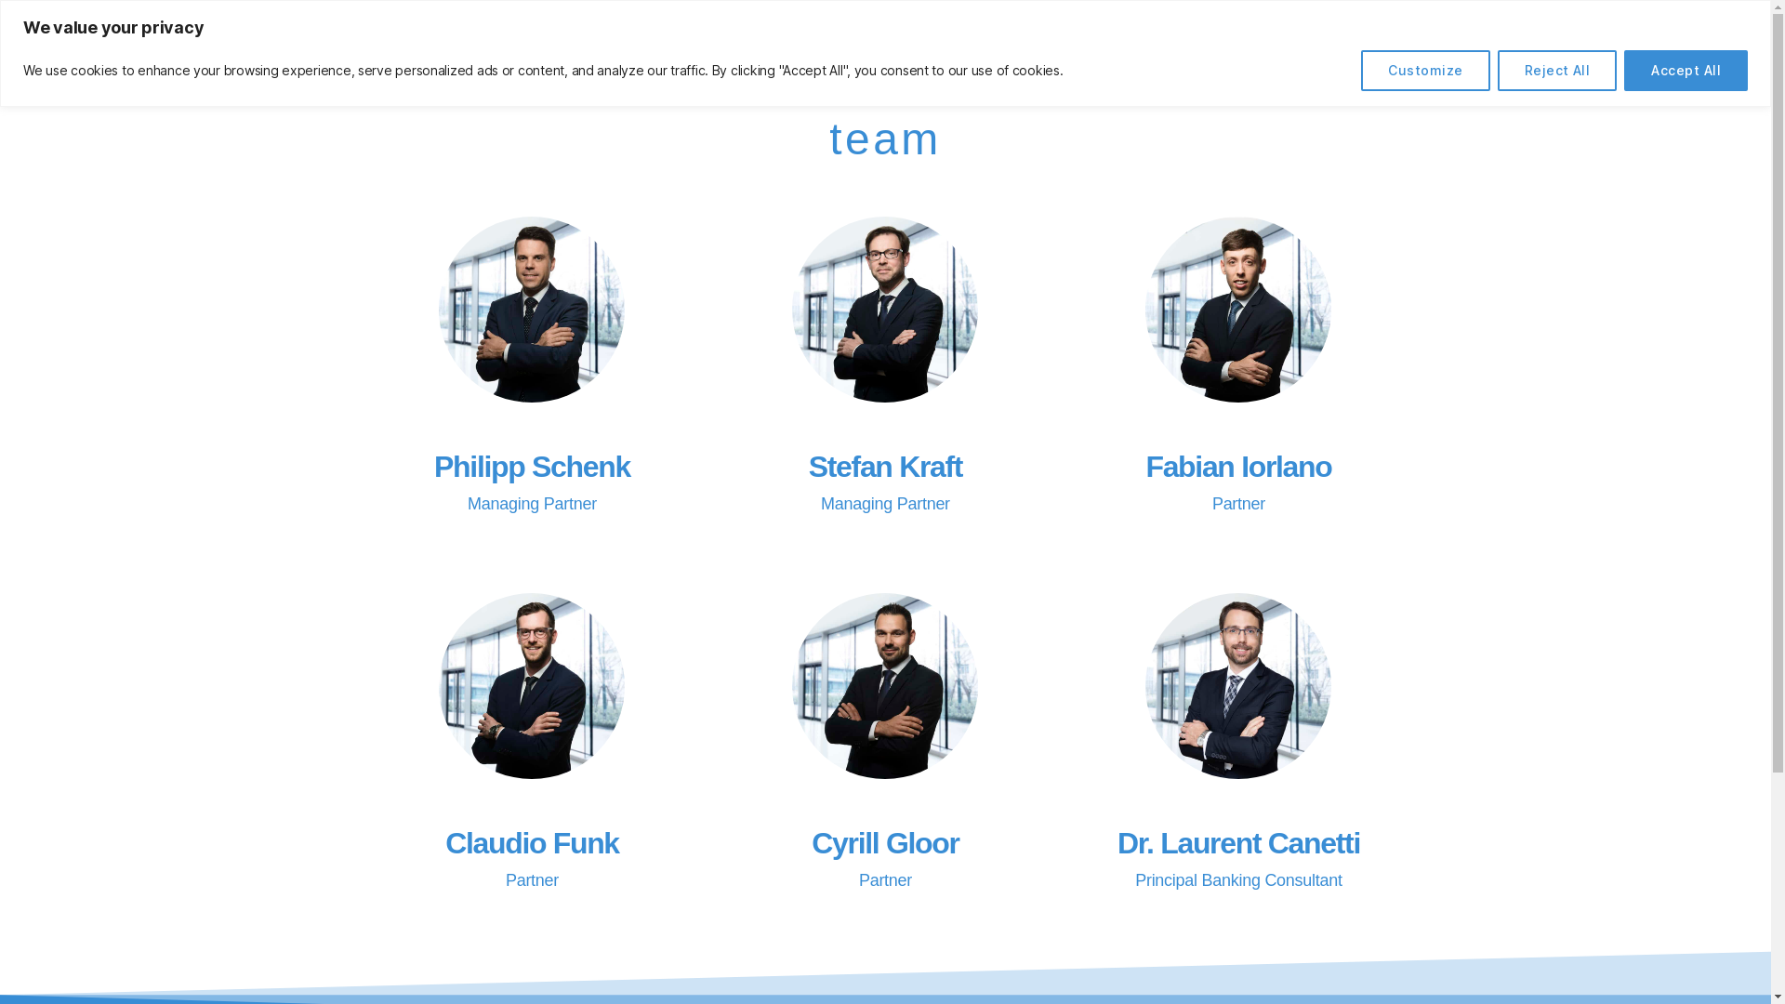  I want to click on 'logo', so click(165, 40).